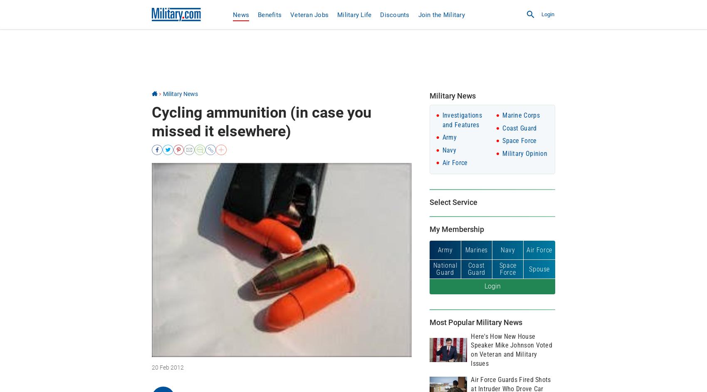 The height and width of the screenshot is (392, 707). What do you see at coordinates (465, 249) in the screenshot?
I see `'Marines'` at bounding box center [465, 249].